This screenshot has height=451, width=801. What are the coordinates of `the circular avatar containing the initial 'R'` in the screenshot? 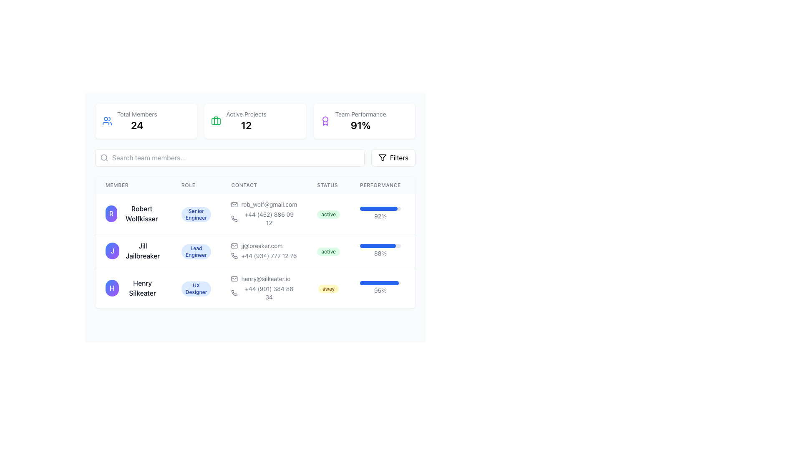 It's located at (133, 213).